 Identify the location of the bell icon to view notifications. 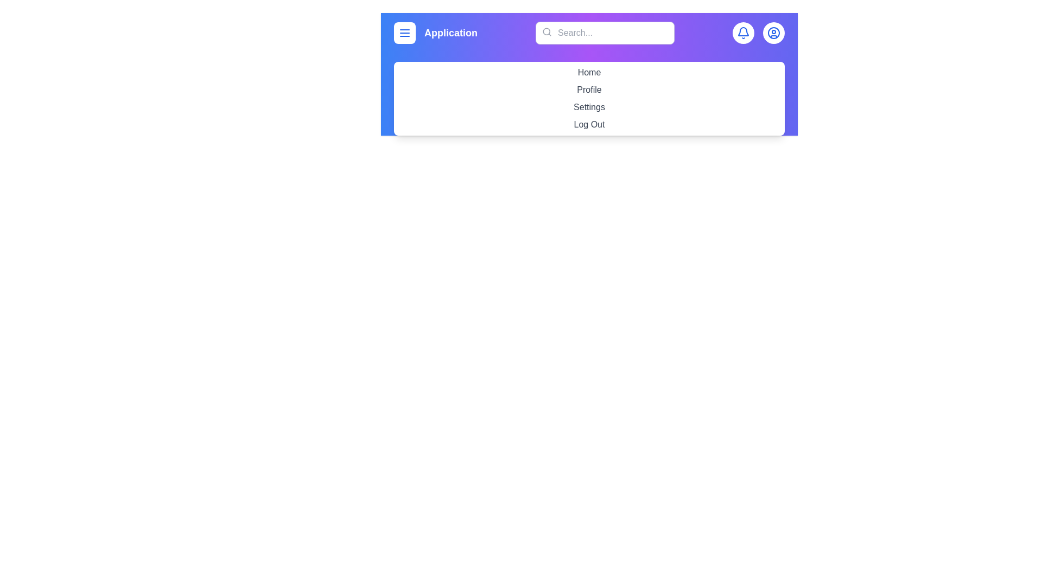
(742, 33).